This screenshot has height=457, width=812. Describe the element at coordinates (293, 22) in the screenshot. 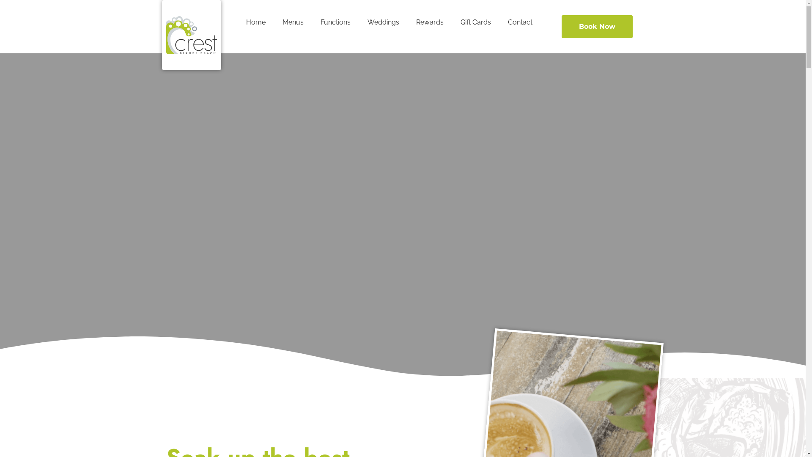

I see `'Menus'` at that location.